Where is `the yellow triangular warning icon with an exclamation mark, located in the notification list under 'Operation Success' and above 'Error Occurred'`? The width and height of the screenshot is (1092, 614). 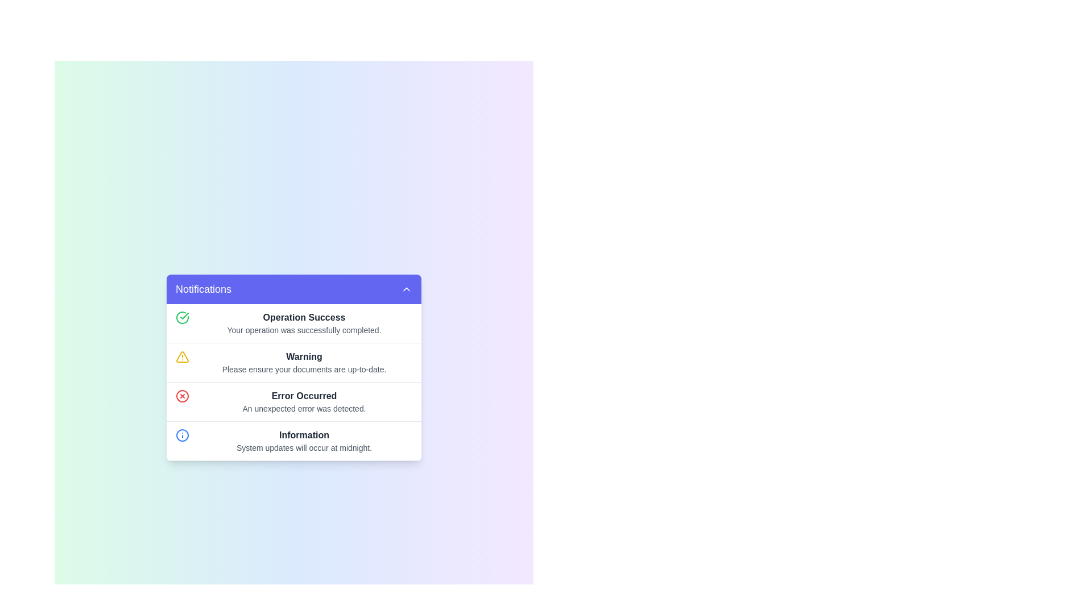 the yellow triangular warning icon with an exclamation mark, located in the notification list under 'Operation Success' and above 'Error Occurred' is located at coordinates (183, 356).